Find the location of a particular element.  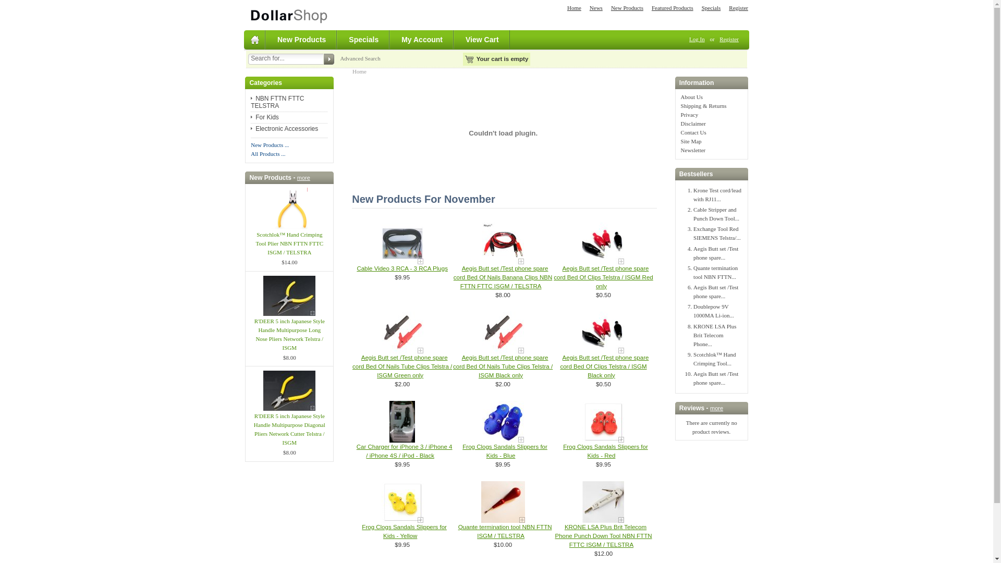

'Privacy' is located at coordinates (680, 114).